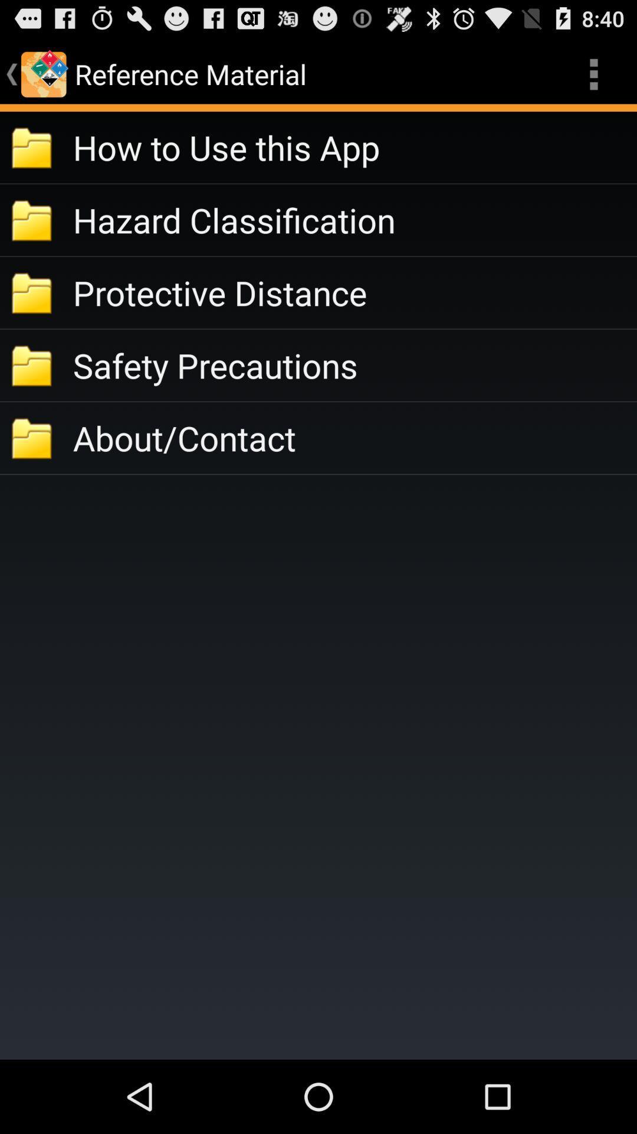 This screenshot has width=637, height=1134. I want to click on the item at the center, so click(354, 437).